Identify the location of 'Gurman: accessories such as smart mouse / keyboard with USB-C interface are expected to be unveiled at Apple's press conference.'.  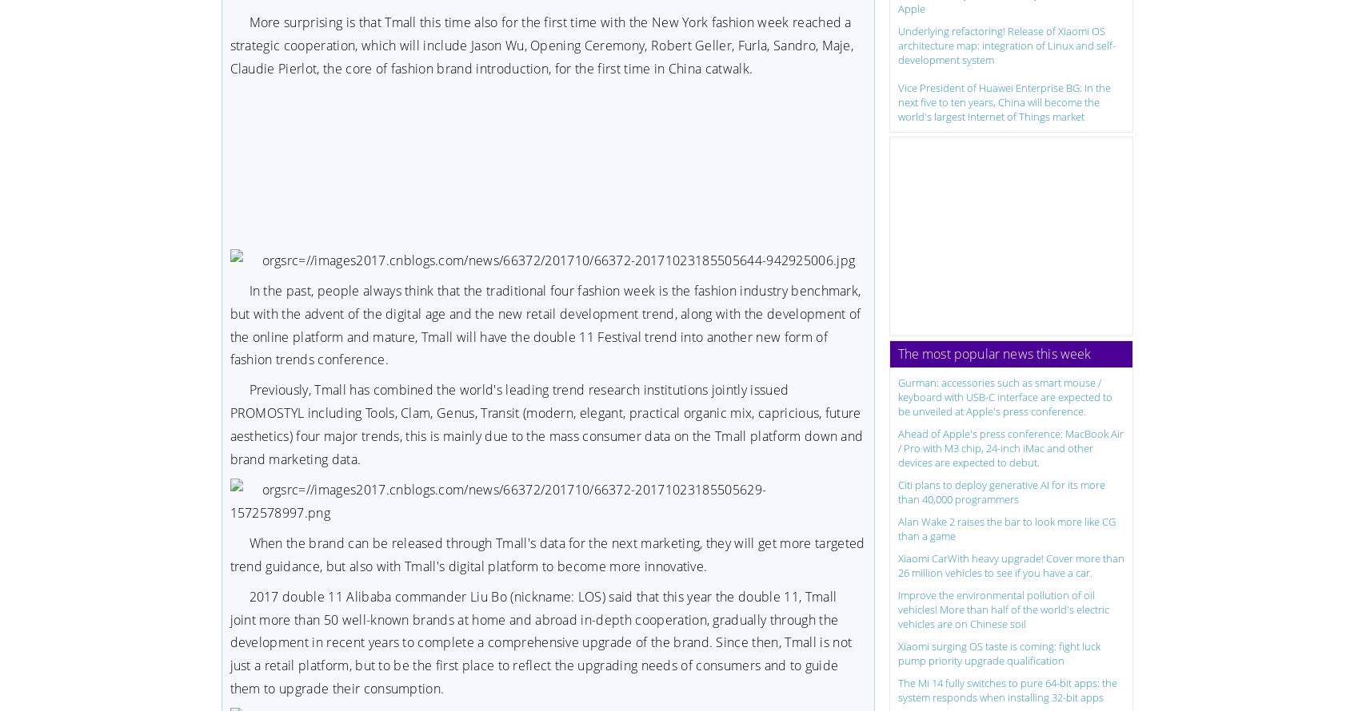
(1005, 395).